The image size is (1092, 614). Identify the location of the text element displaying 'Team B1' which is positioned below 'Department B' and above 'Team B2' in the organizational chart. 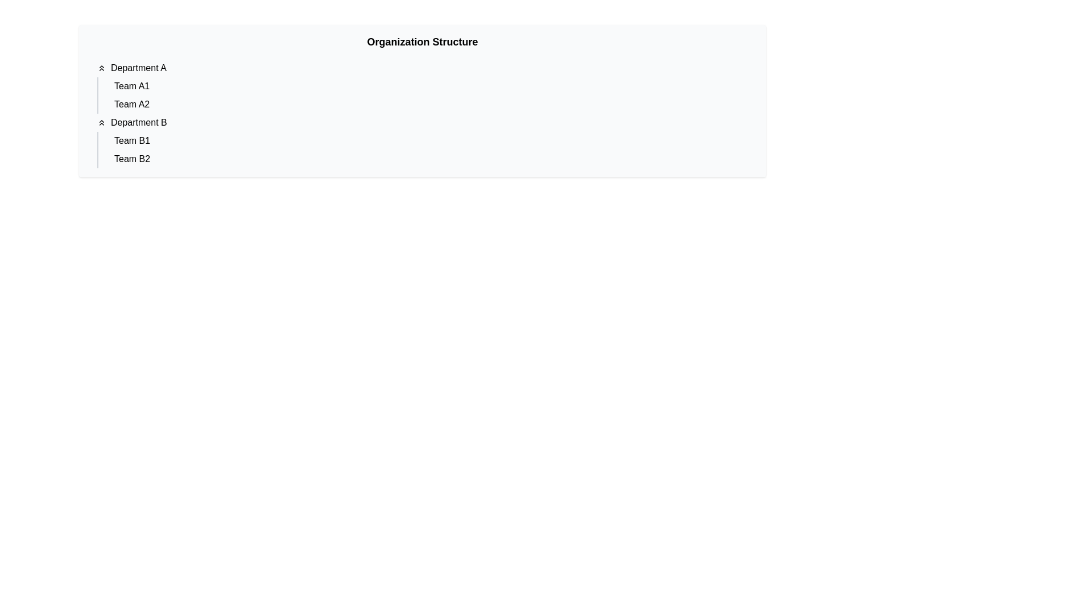
(132, 140).